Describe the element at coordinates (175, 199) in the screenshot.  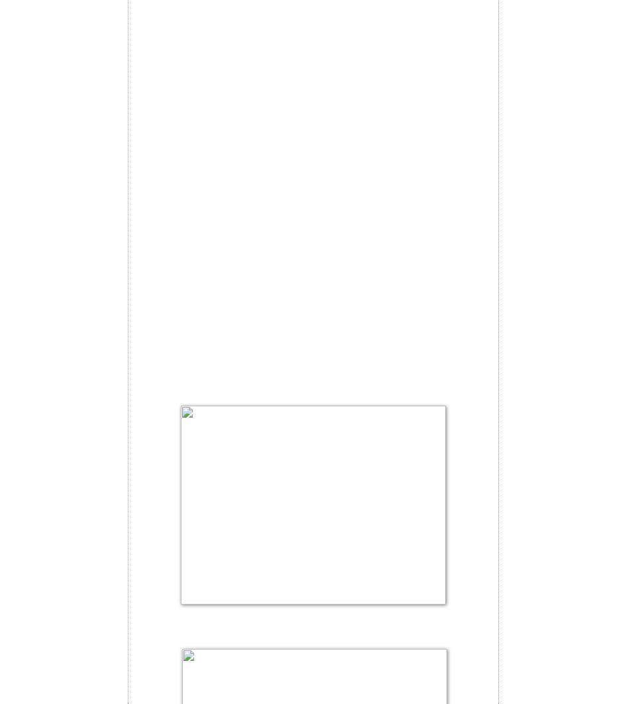
I see `'Bread preparation:'` at that location.